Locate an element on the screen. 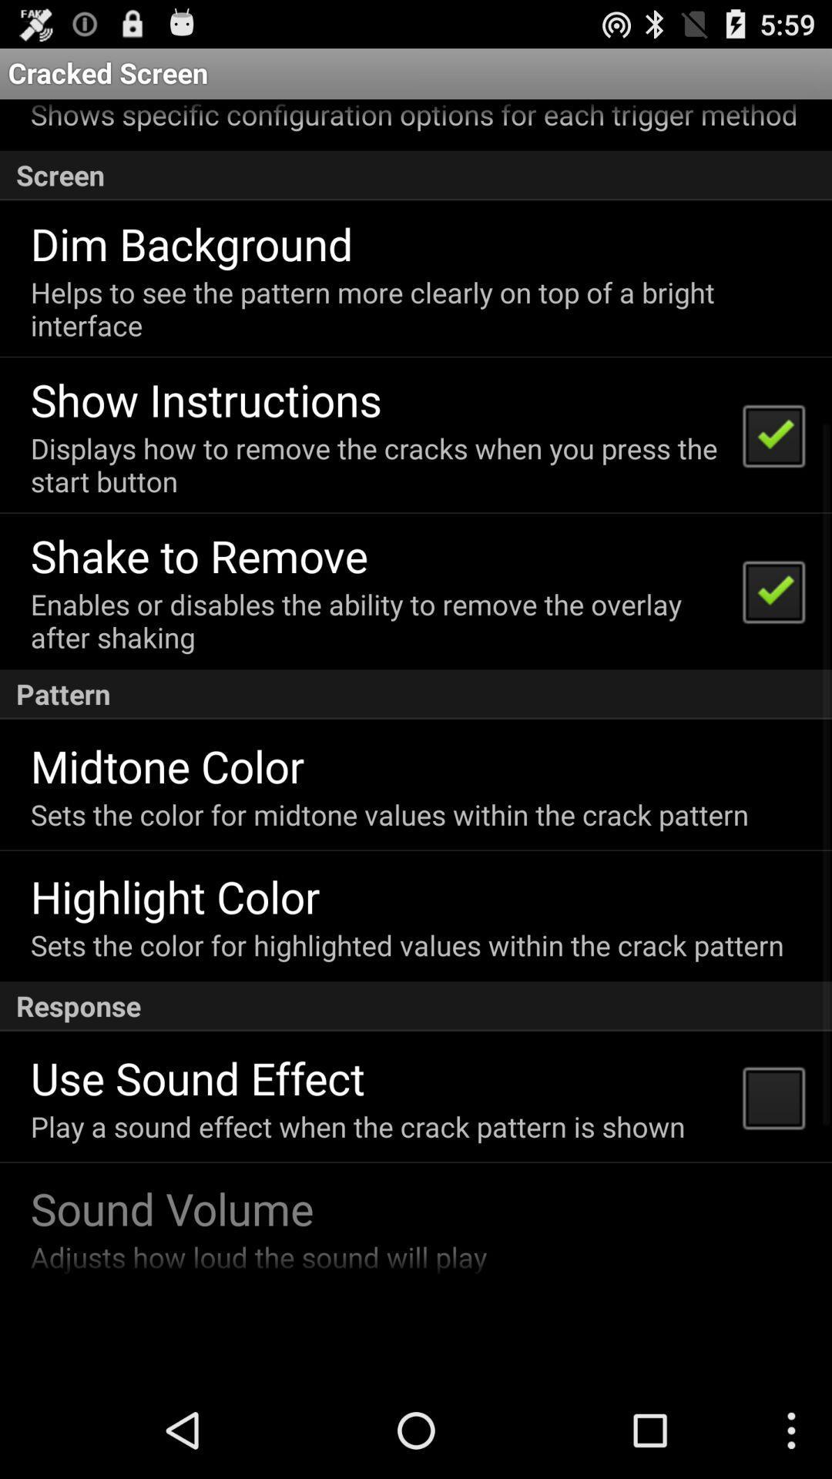 This screenshot has height=1479, width=832. item below helps to see app is located at coordinates (205, 399).